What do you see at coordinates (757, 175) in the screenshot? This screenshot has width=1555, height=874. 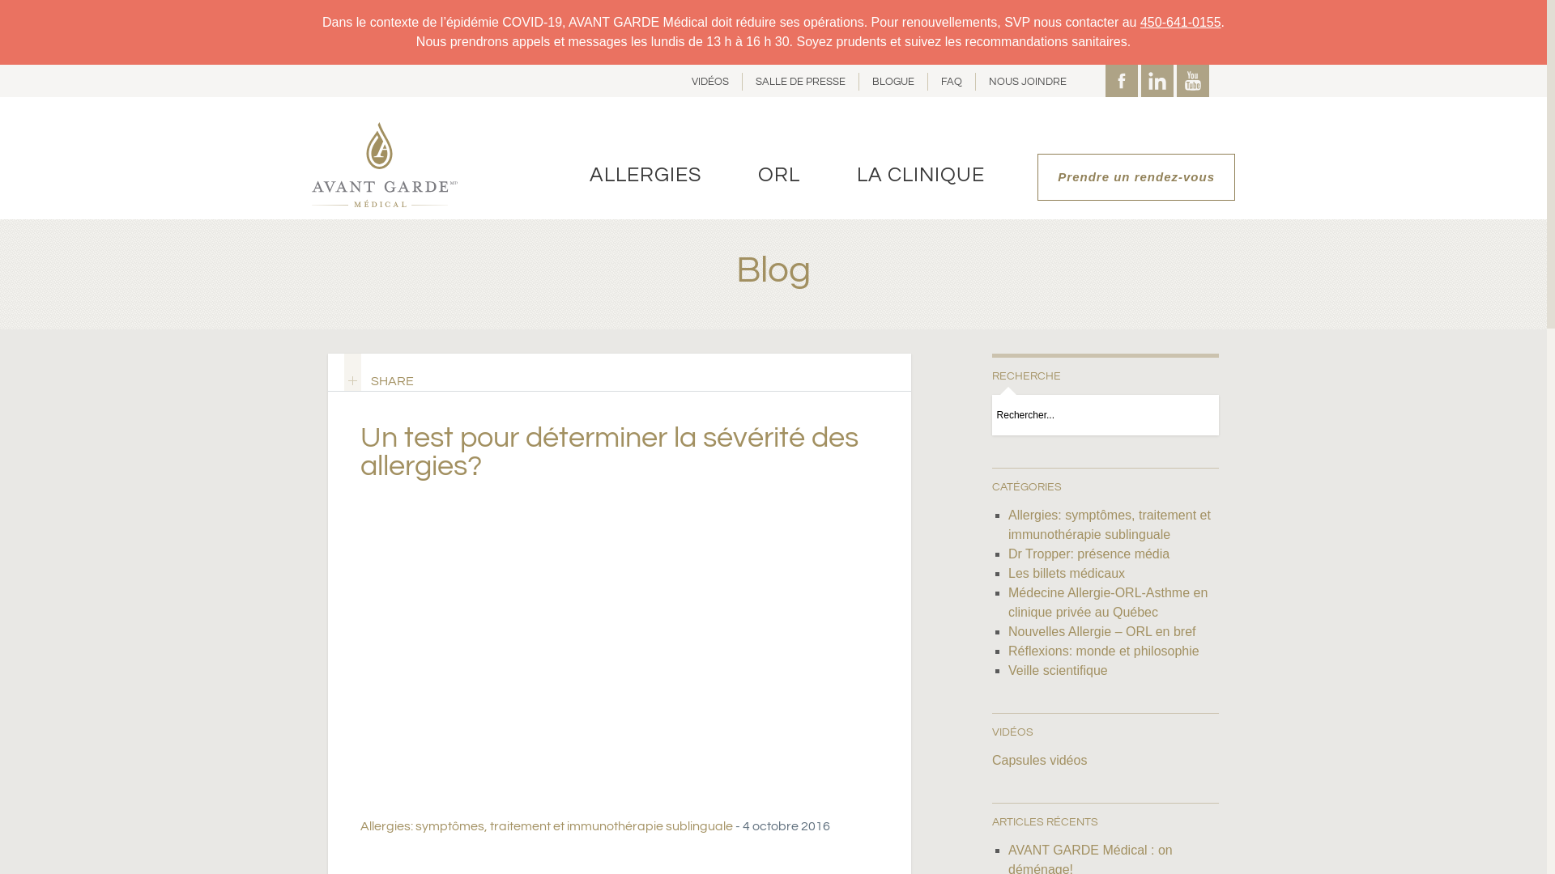 I see `'ORL'` at bounding box center [757, 175].